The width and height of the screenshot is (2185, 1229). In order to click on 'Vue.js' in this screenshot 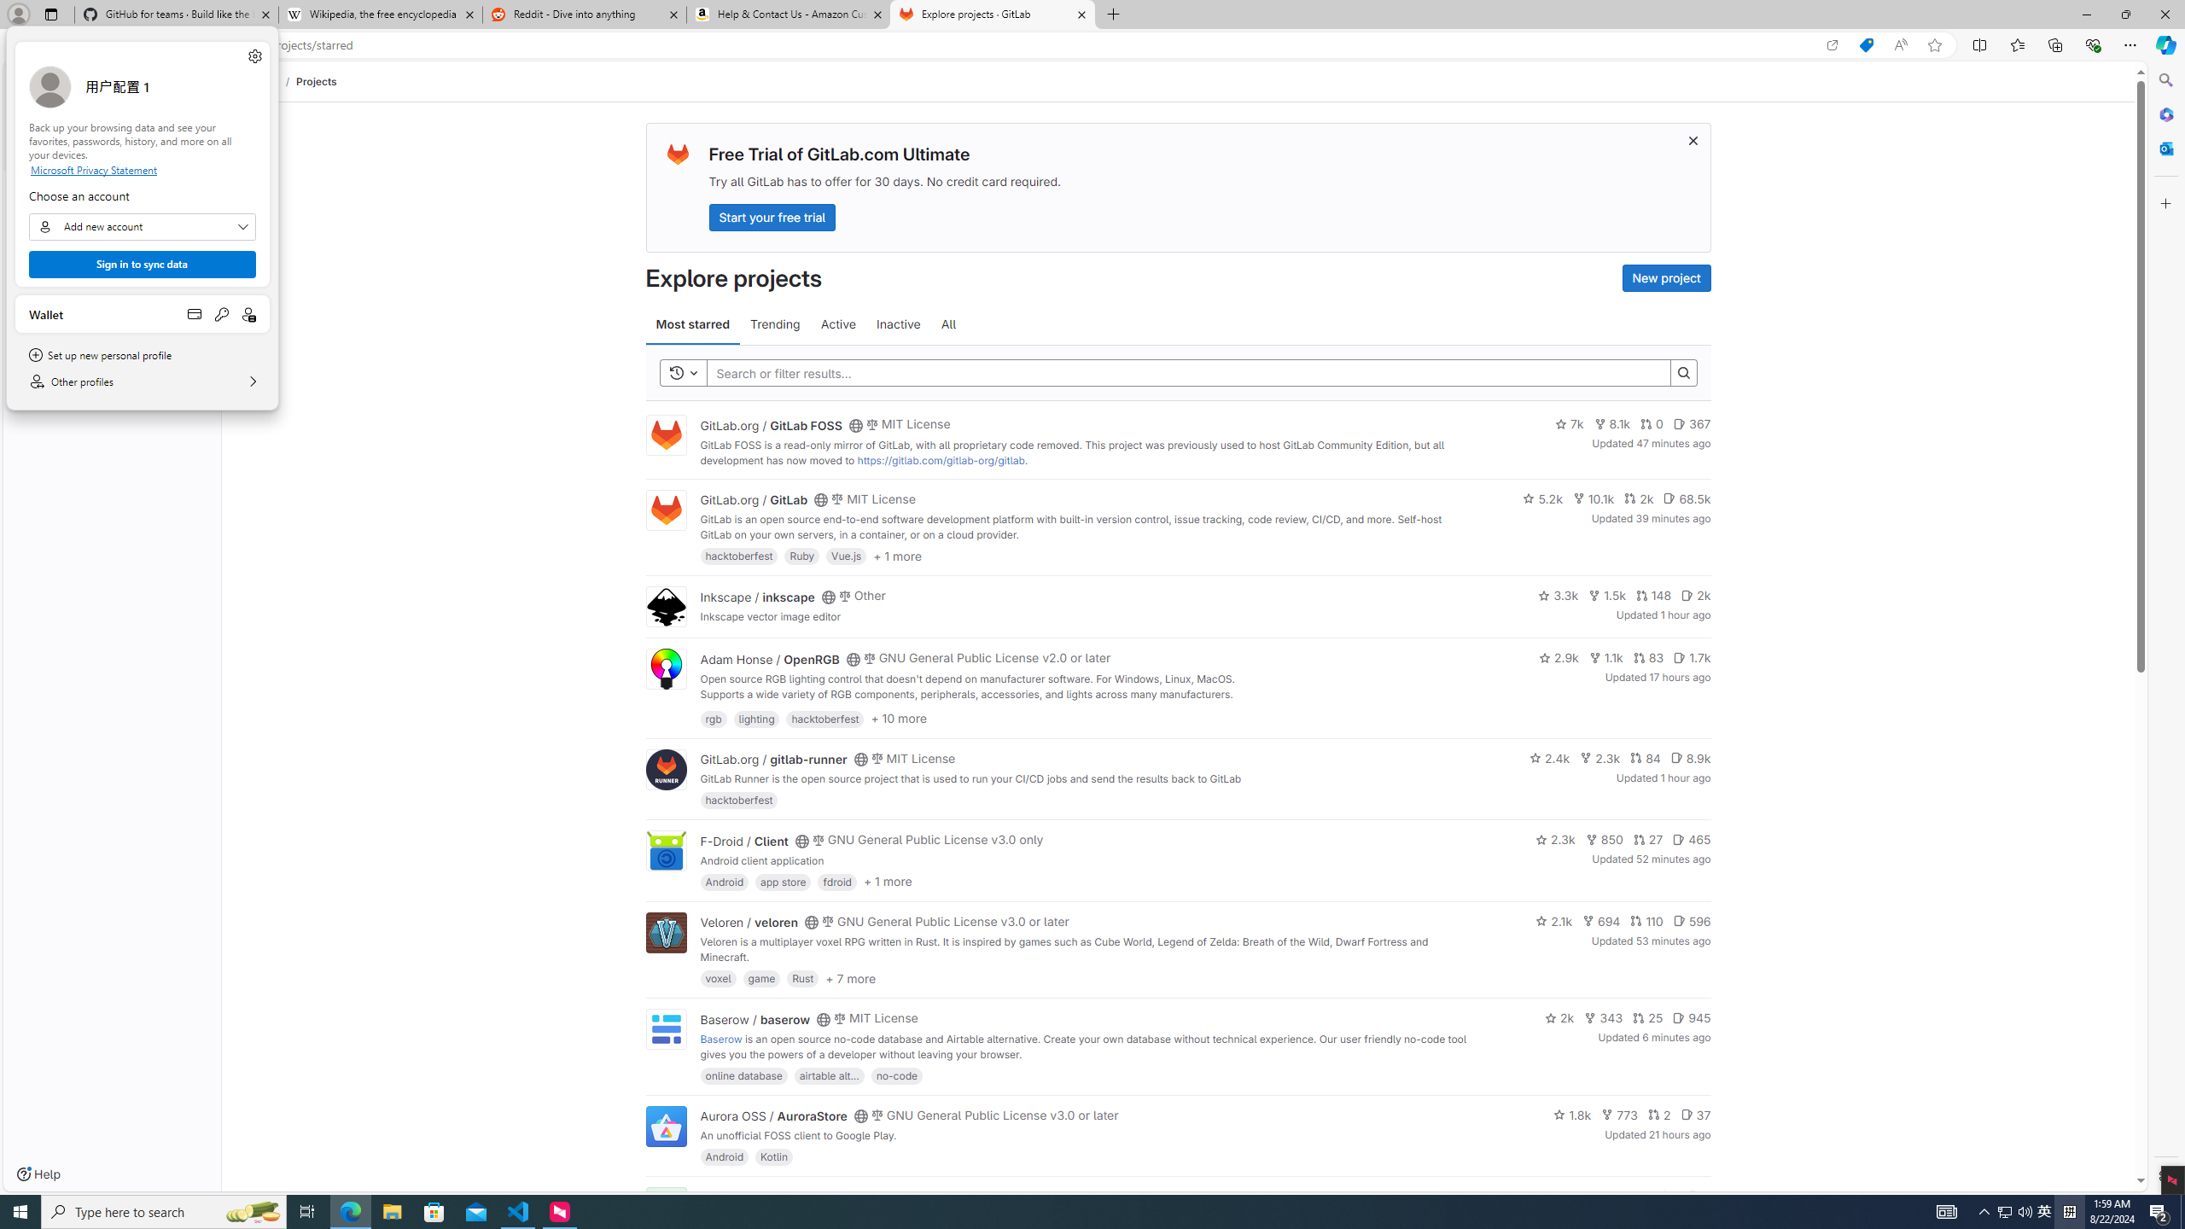, I will do `click(846, 556)`.